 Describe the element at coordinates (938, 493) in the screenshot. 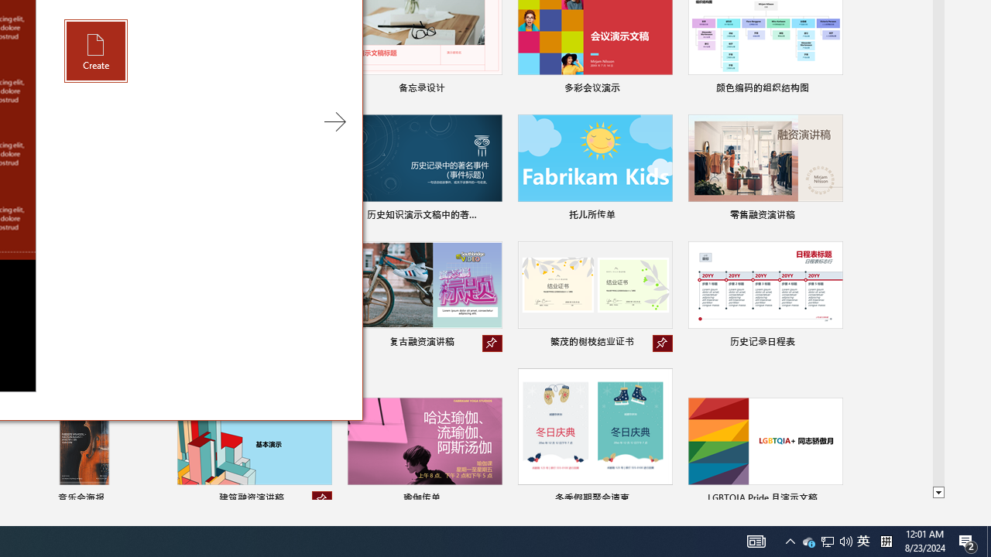

I see `'Line down'` at that location.